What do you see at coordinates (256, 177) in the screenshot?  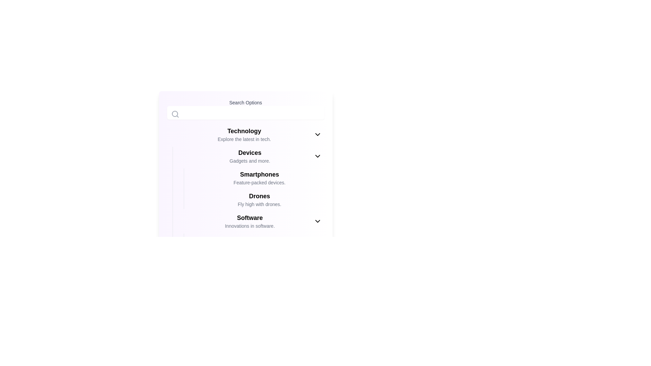 I see `the 'Smartphones' label, which is the first item listed under the 'Devices' section` at bounding box center [256, 177].